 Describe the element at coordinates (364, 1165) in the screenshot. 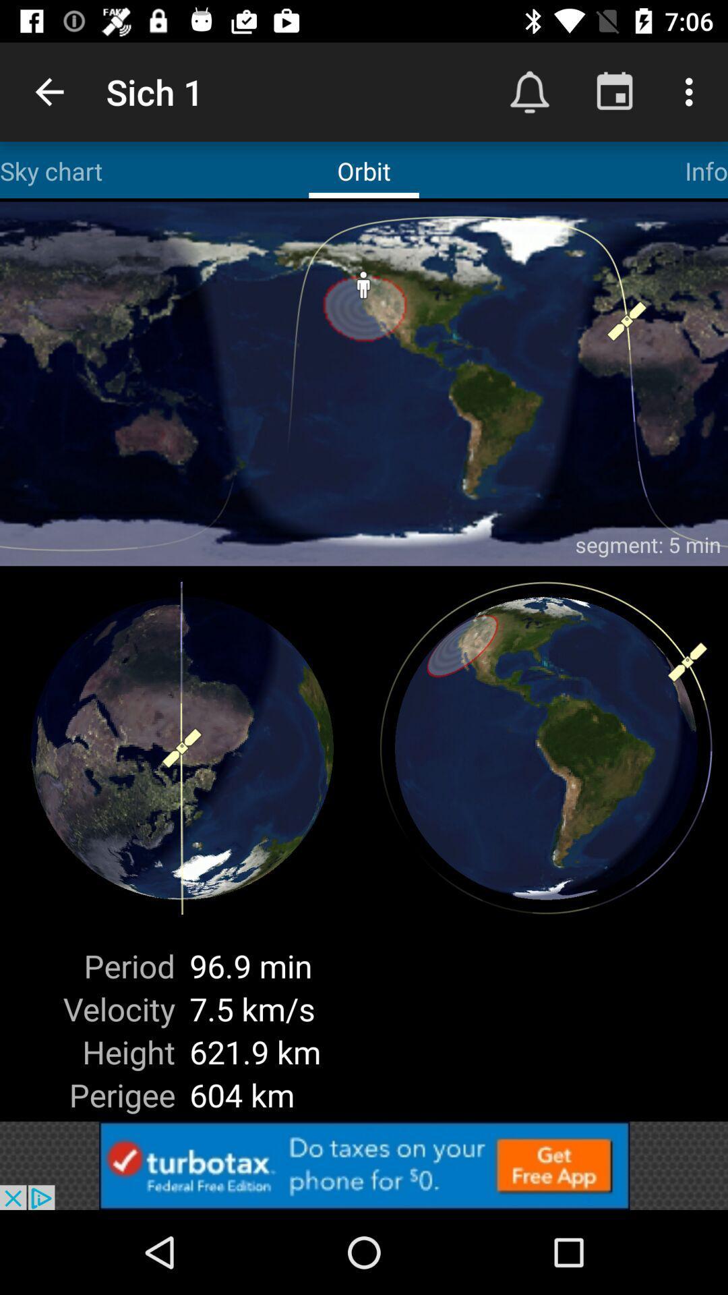

I see `install turbotax` at that location.